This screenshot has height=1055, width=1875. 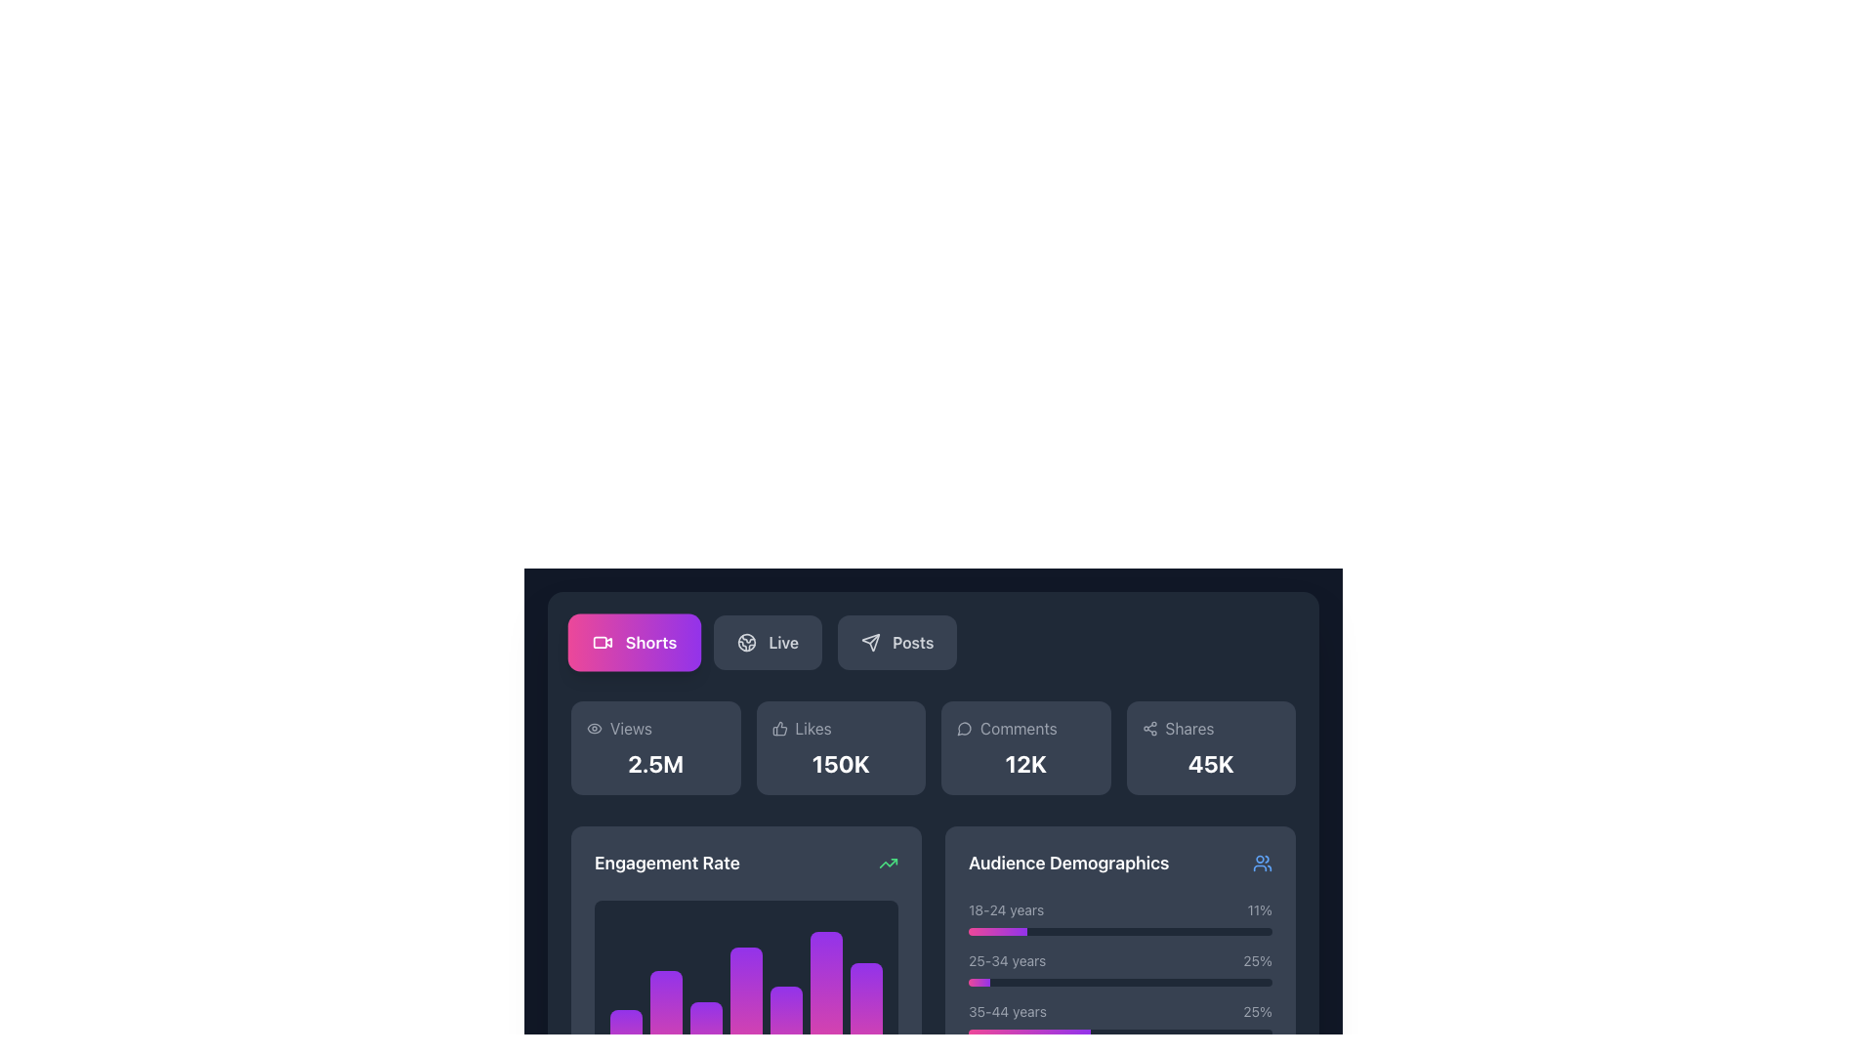 I want to click on the thumbs-up icon representing the 'Likes' feature, which is located to the left of the '150K' indicator and to the right of the label text, so click(x=778, y=728).